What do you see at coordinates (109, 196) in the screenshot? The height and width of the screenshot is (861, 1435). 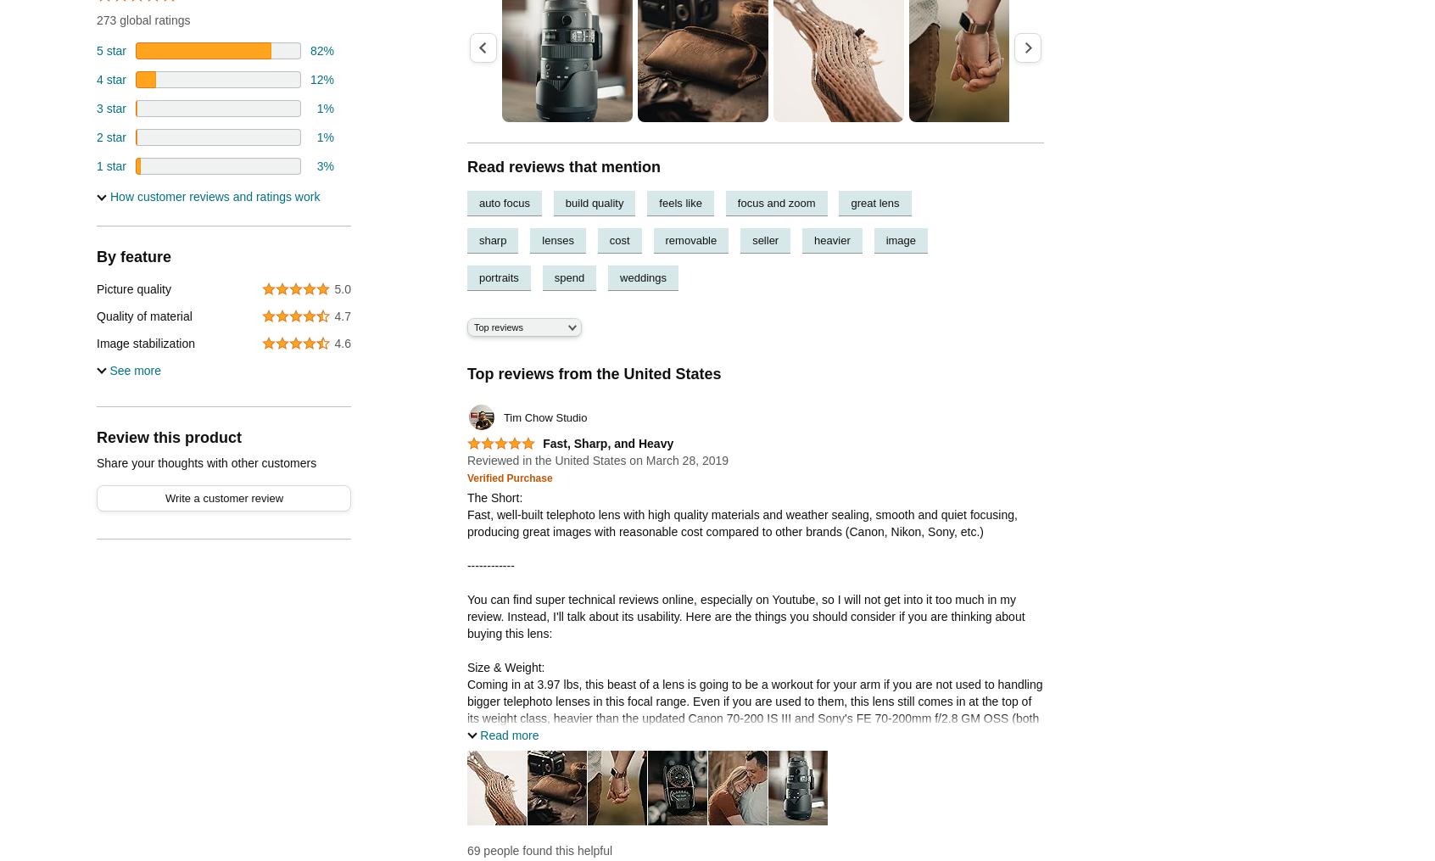 I see `'How customer reviews and ratings work'` at bounding box center [109, 196].